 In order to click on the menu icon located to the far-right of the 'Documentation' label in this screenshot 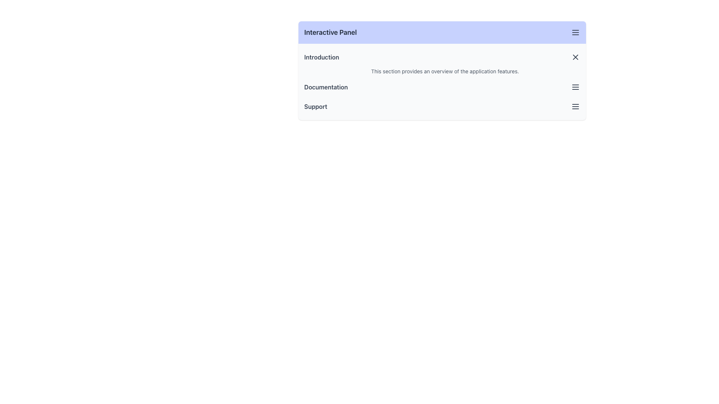, I will do `click(575, 86)`.